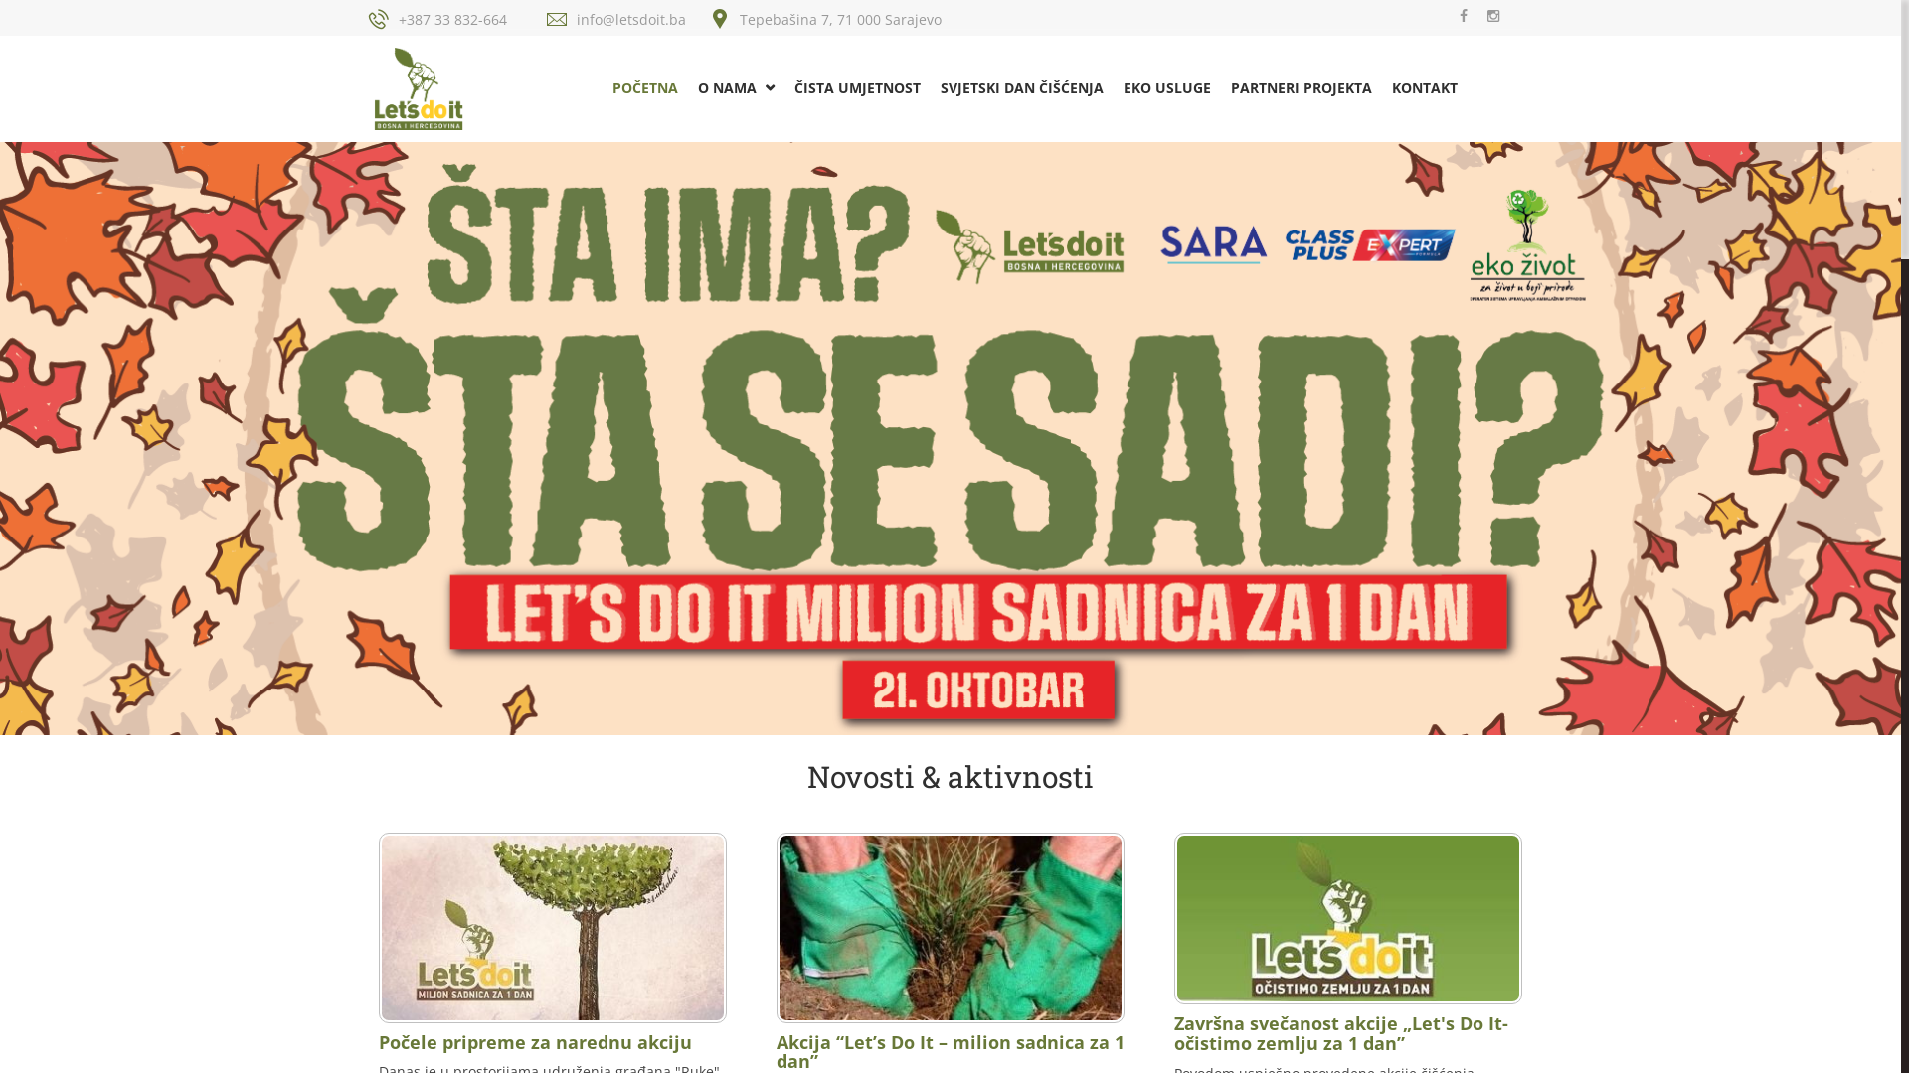 This screenshot has width=1909, height=1073. What do you see at coordinates (1302, 86) in the screenshot?
I see `'PARTNERI PROJEKTA'` at bounding box center [1302, 86].